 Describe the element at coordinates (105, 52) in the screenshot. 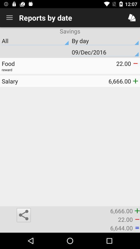

I see `the item next to all icon` at that location.